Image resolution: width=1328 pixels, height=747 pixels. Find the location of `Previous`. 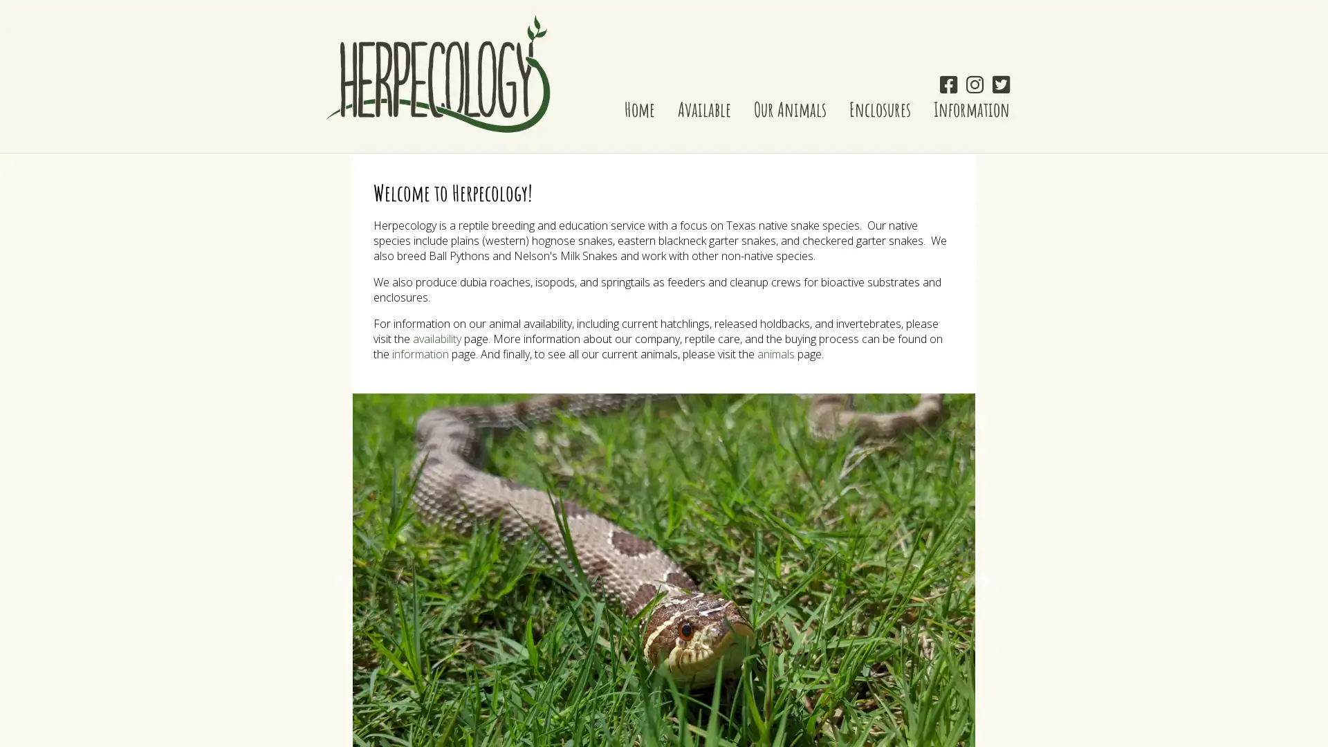

Previous is located at coordinates (342, 580).